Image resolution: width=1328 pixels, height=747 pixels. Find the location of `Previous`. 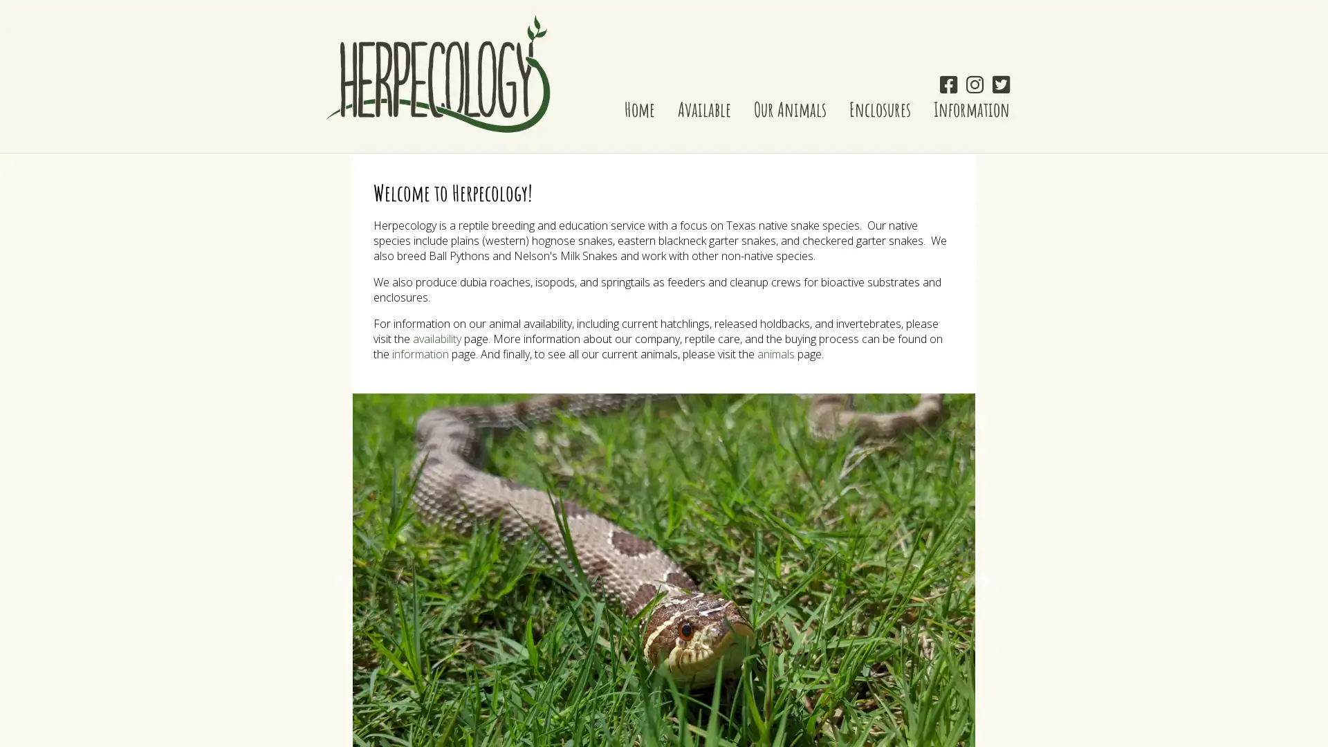

Previous is located at coordinates (342, 580).